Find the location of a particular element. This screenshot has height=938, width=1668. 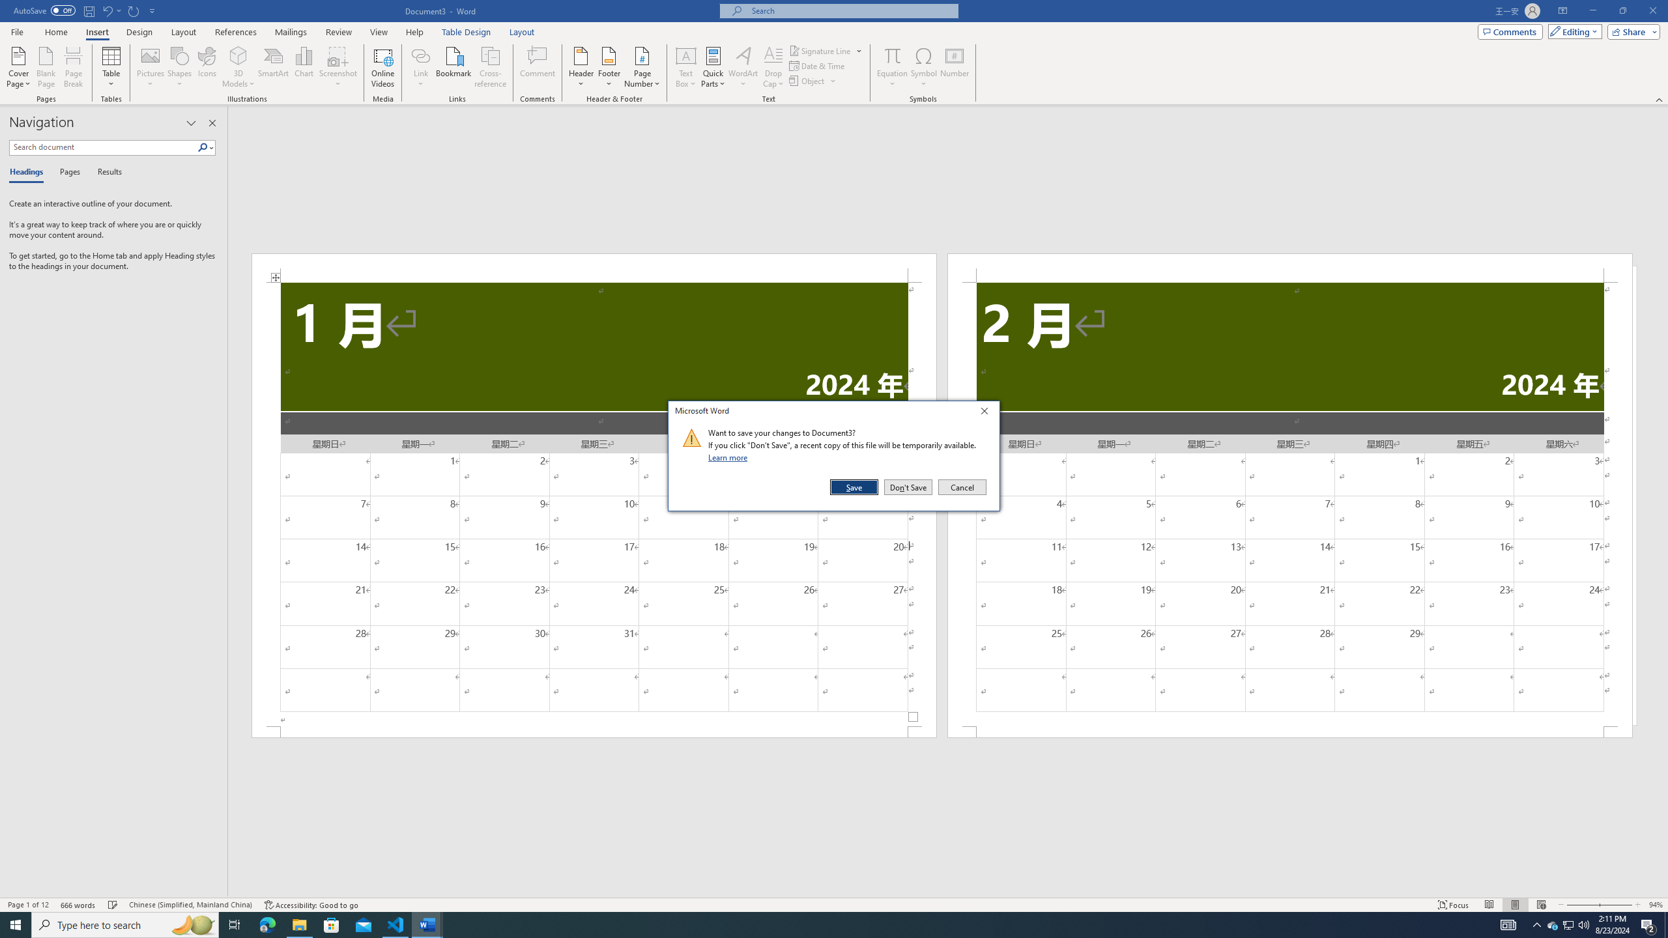

'File Explorer - 1 running window' is located at coordinates (298, 924).